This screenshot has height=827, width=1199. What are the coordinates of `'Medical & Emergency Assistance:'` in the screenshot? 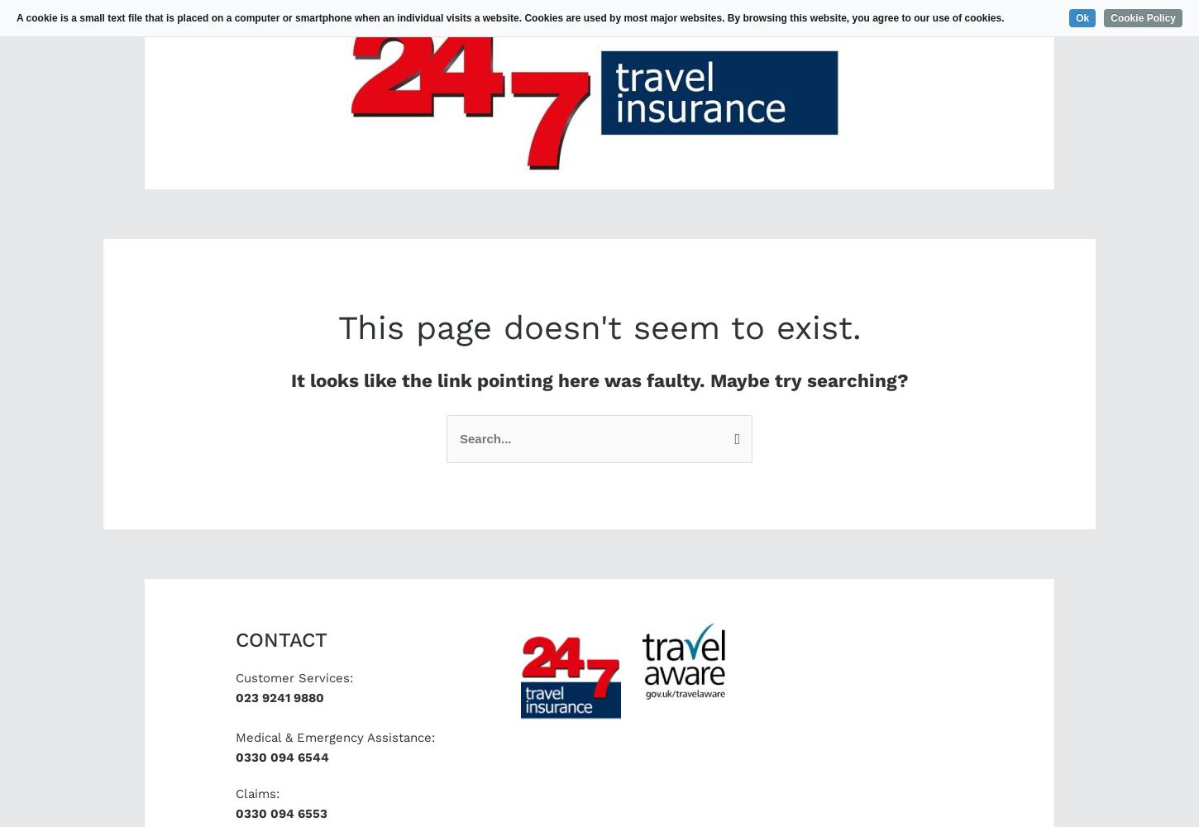 It's located at (334, 738).